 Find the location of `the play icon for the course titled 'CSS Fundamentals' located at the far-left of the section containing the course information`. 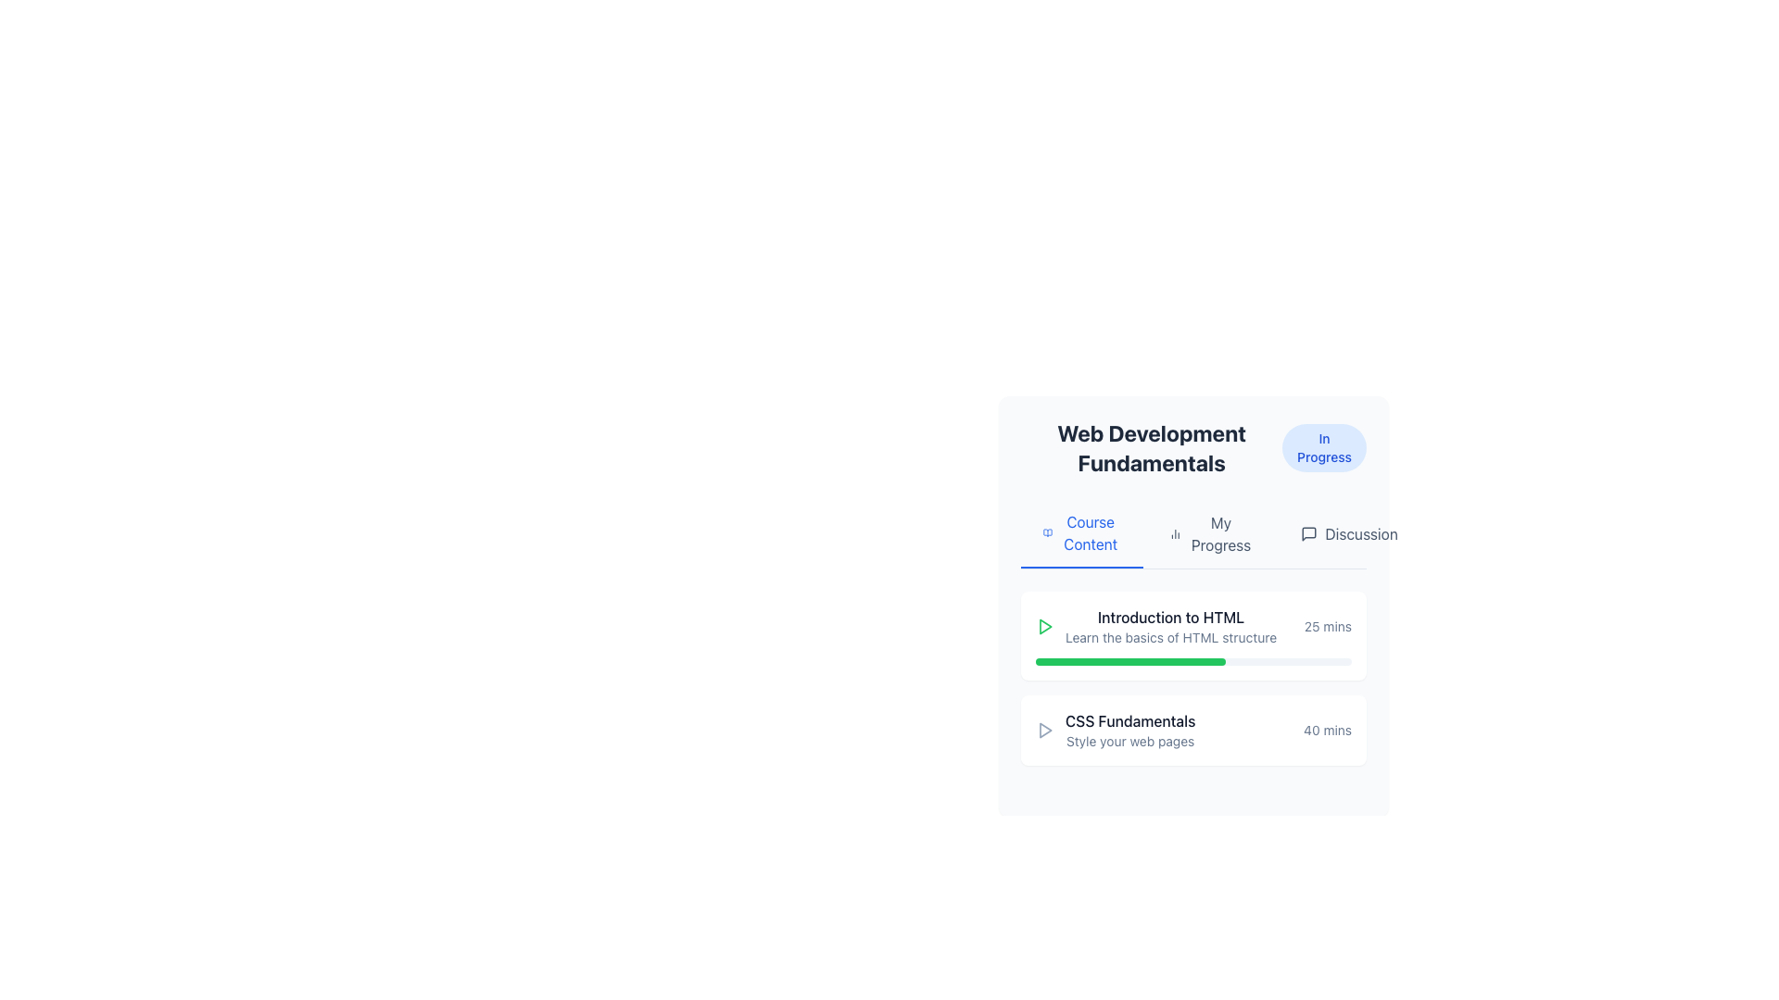

the play icon for the course titled 'CSS Fundamentals' located at the far-left of the section containing the course information is located at coordinates (1045, 730).